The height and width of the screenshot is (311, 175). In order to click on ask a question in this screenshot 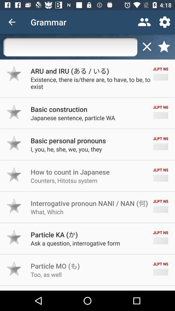, I will do `click(75, 243)`.